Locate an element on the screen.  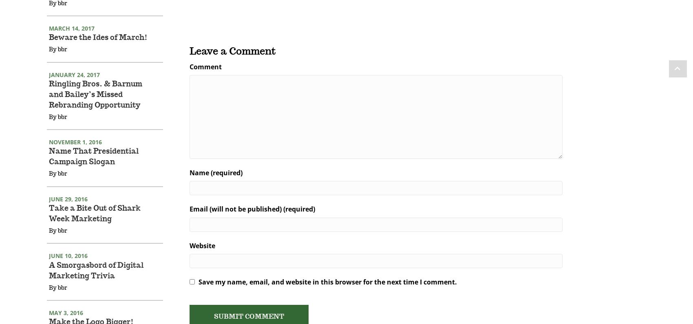
'Name (required)' is located at coordinates (216, 183).